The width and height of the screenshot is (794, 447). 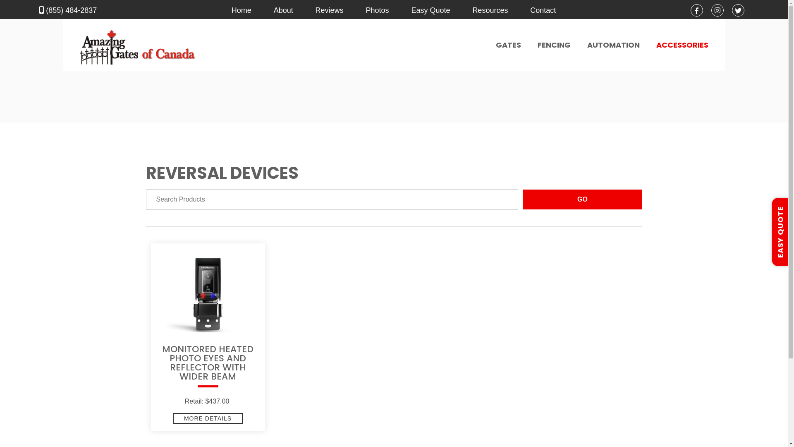 I want to click on 'AUTOMATION', so click(x=613, y=45).